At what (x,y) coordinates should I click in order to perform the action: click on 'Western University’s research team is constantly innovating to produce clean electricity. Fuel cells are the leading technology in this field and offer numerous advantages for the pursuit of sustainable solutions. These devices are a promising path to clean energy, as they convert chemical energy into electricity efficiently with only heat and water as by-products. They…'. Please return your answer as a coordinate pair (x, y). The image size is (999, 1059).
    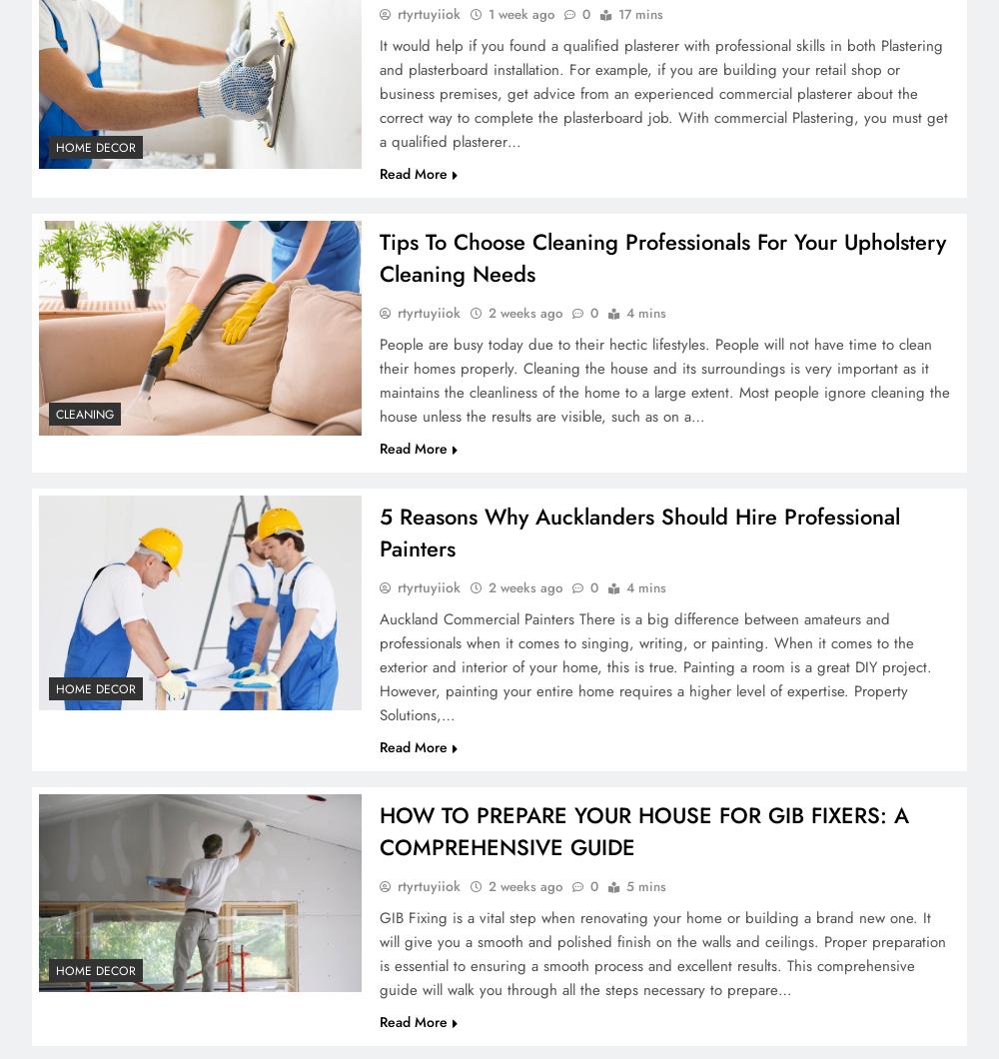
    Looking at the image, I should click on (662, 254).